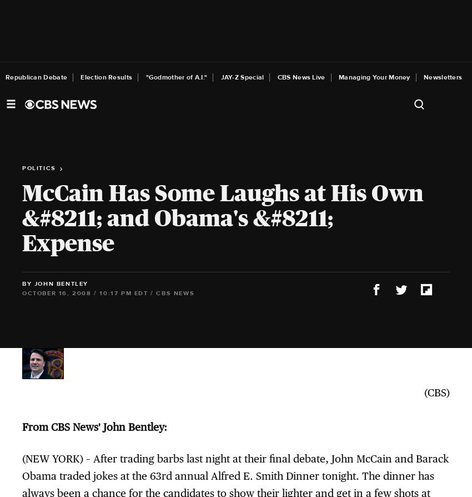 This screenshot has height=497, width=472. What do you see at coordinates (94, 426) in the screenshot?
I see `'From CBS News' John Bentley:'` at bounding box center [94, 426].